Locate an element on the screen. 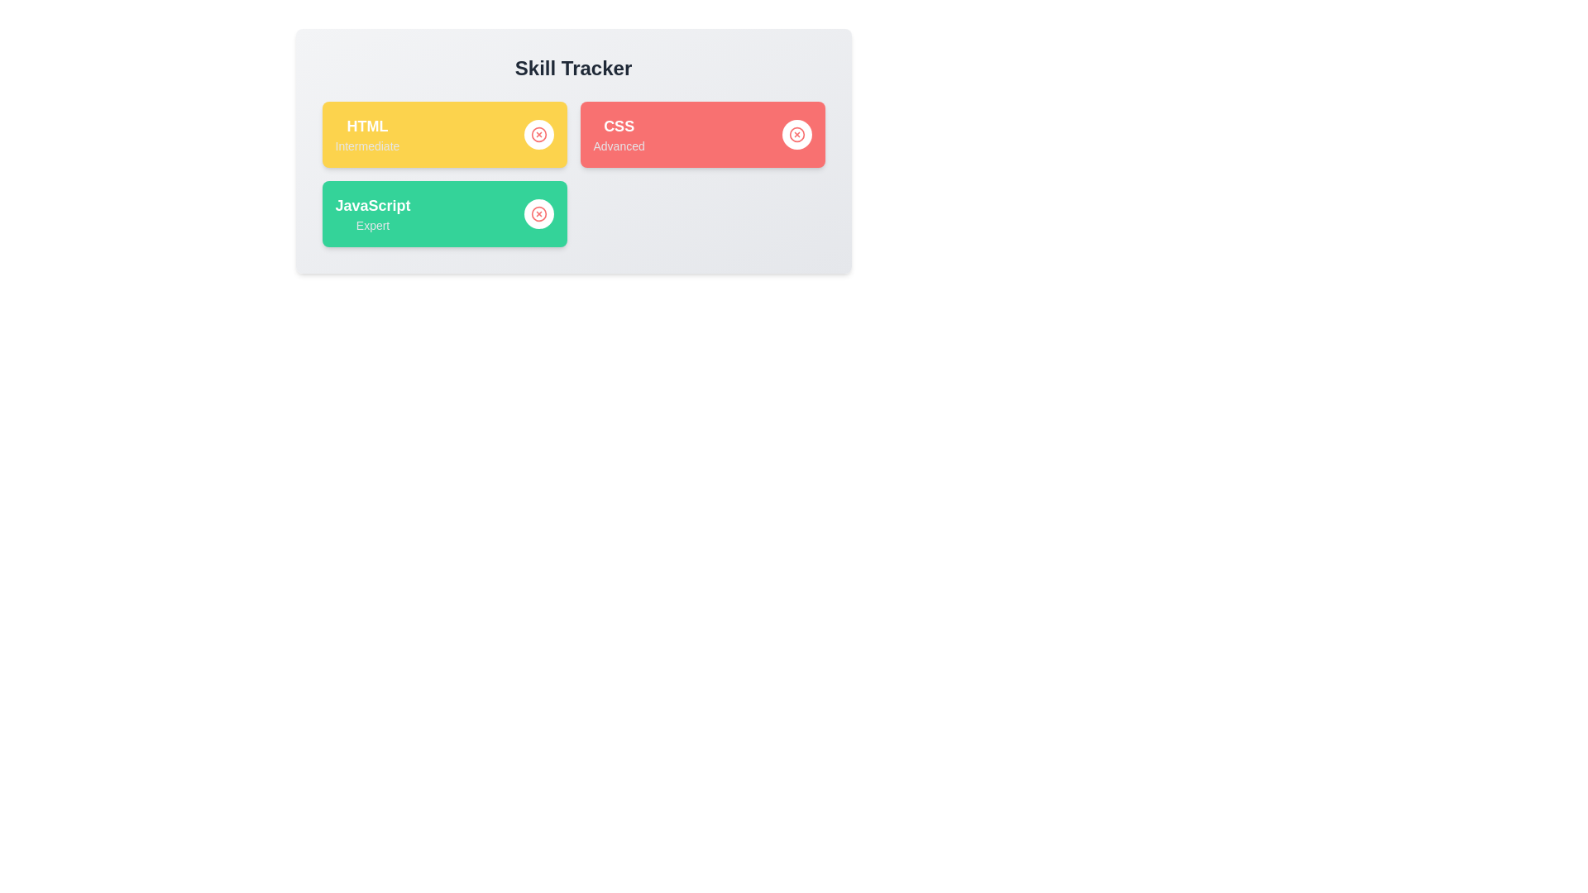 This screenshot has width=1588, height=893. remove button next to the skill named CSS is located at coordinates (796, 133).